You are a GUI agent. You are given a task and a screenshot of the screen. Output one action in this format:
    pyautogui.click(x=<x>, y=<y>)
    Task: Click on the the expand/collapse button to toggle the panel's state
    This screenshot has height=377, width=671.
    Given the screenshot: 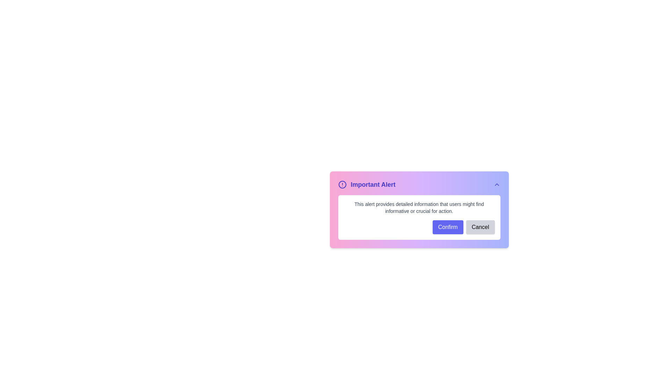 What is the action you would take?
    pyautogui.click(x=496, y=184)
    